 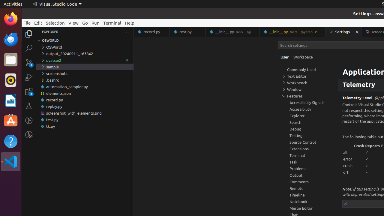 I want to click on 'sample', so click(x=84, y=67).